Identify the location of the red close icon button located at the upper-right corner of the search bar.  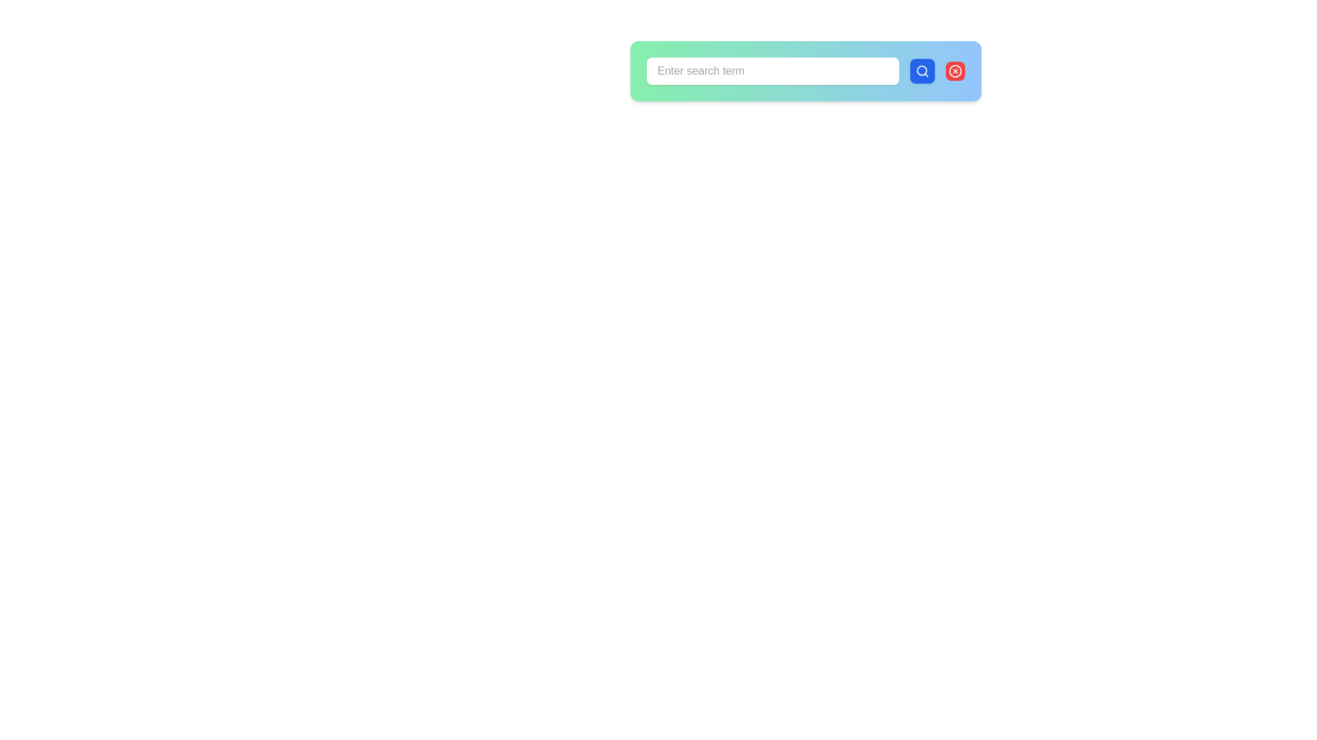
(954, 71).